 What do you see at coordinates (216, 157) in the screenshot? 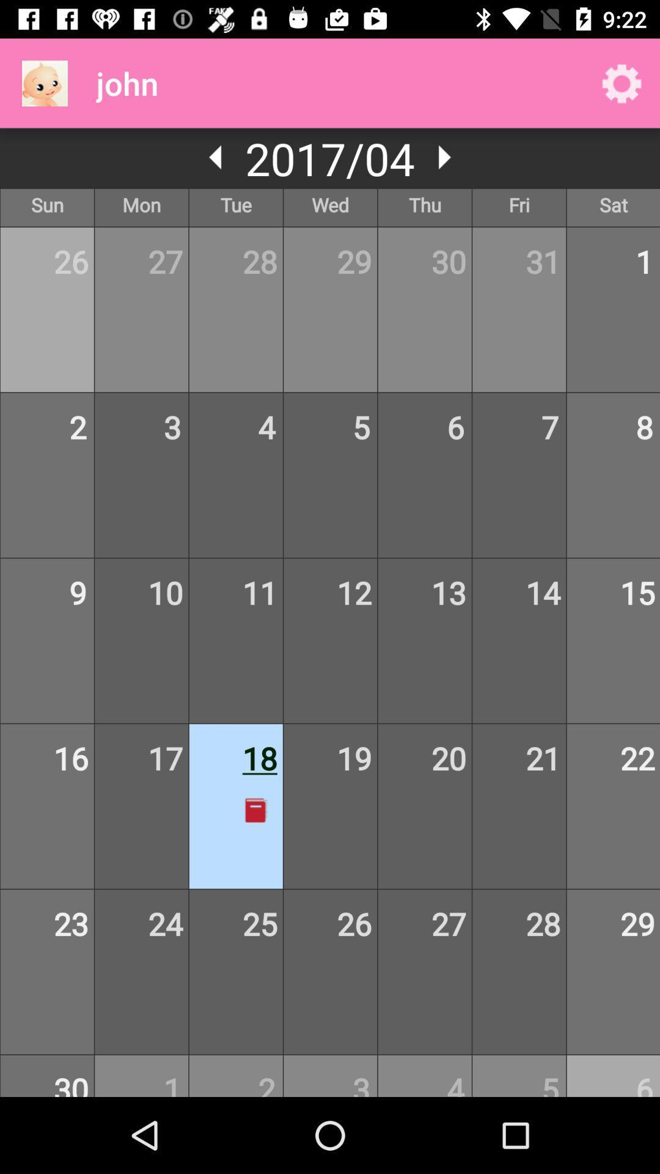
I see `previous page` at bounding box center [216, 157].